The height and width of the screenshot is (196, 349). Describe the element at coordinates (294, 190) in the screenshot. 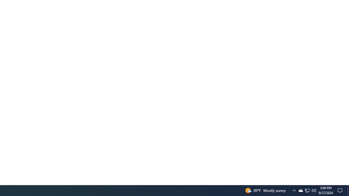

I see `'Notification Chevron'` at that location.